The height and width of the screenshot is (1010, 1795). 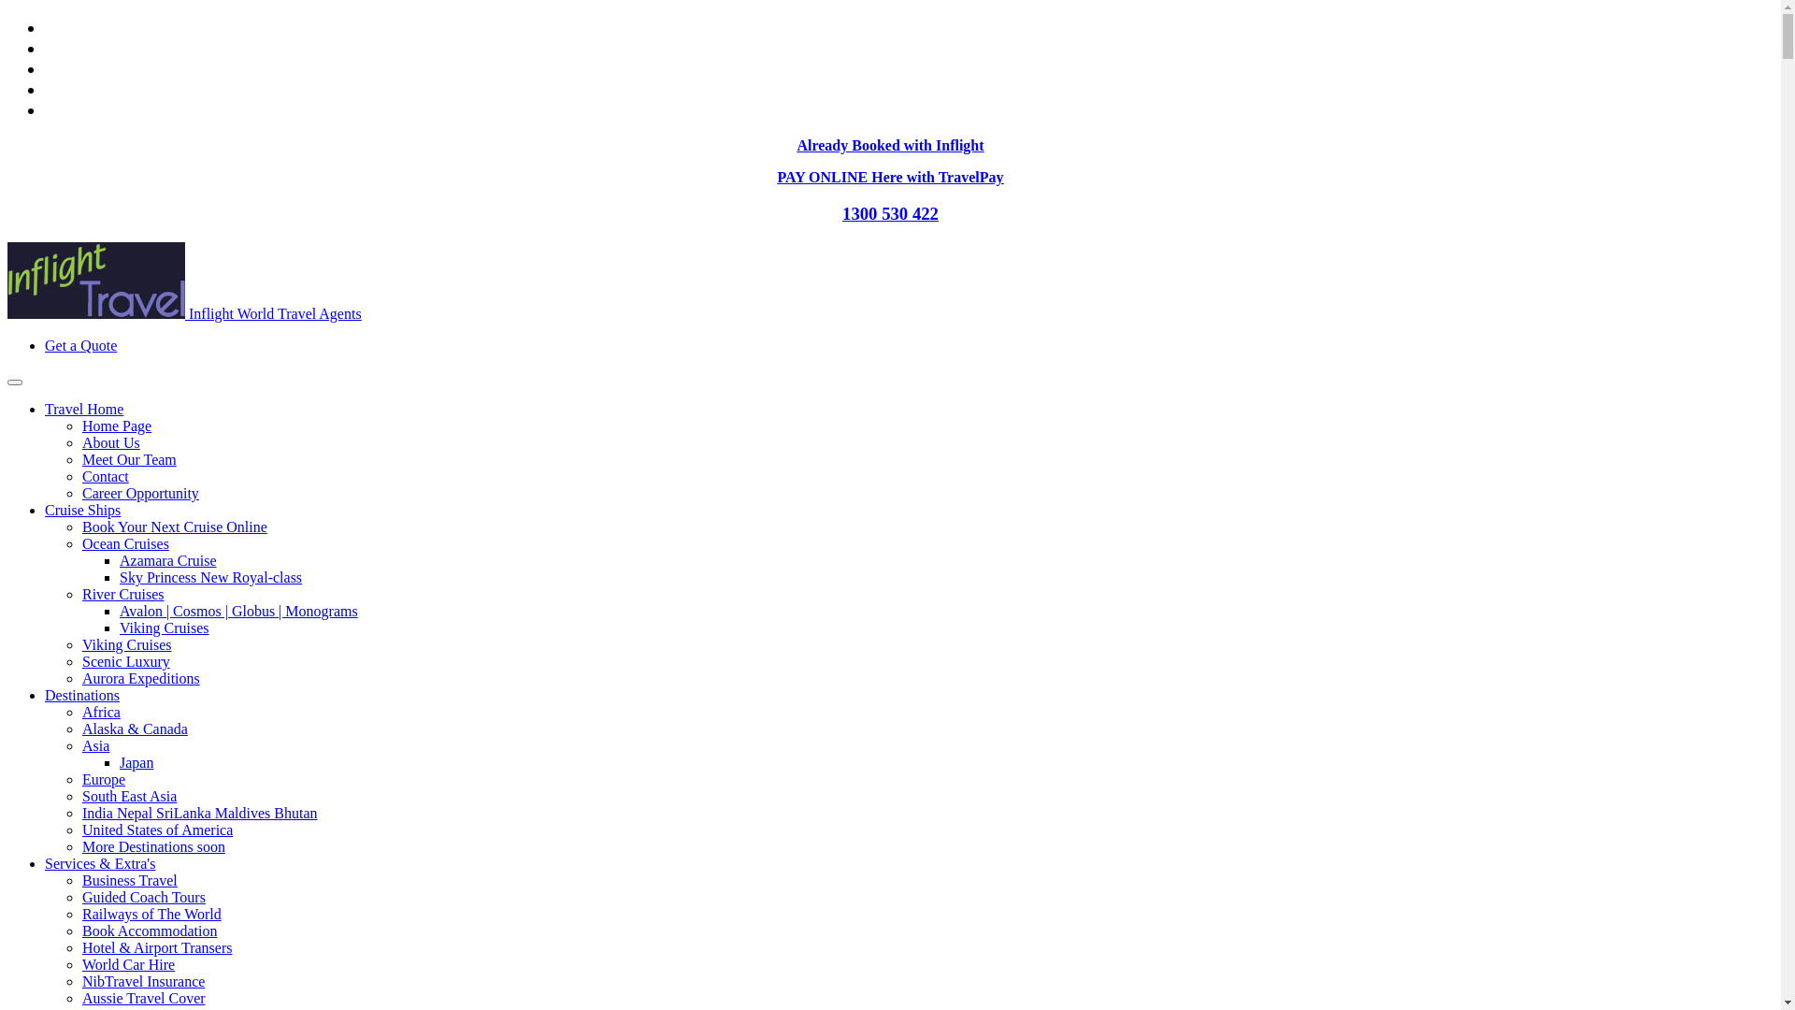 I want to click on 'NibTravel Insurance', so click(x=80, y=980).